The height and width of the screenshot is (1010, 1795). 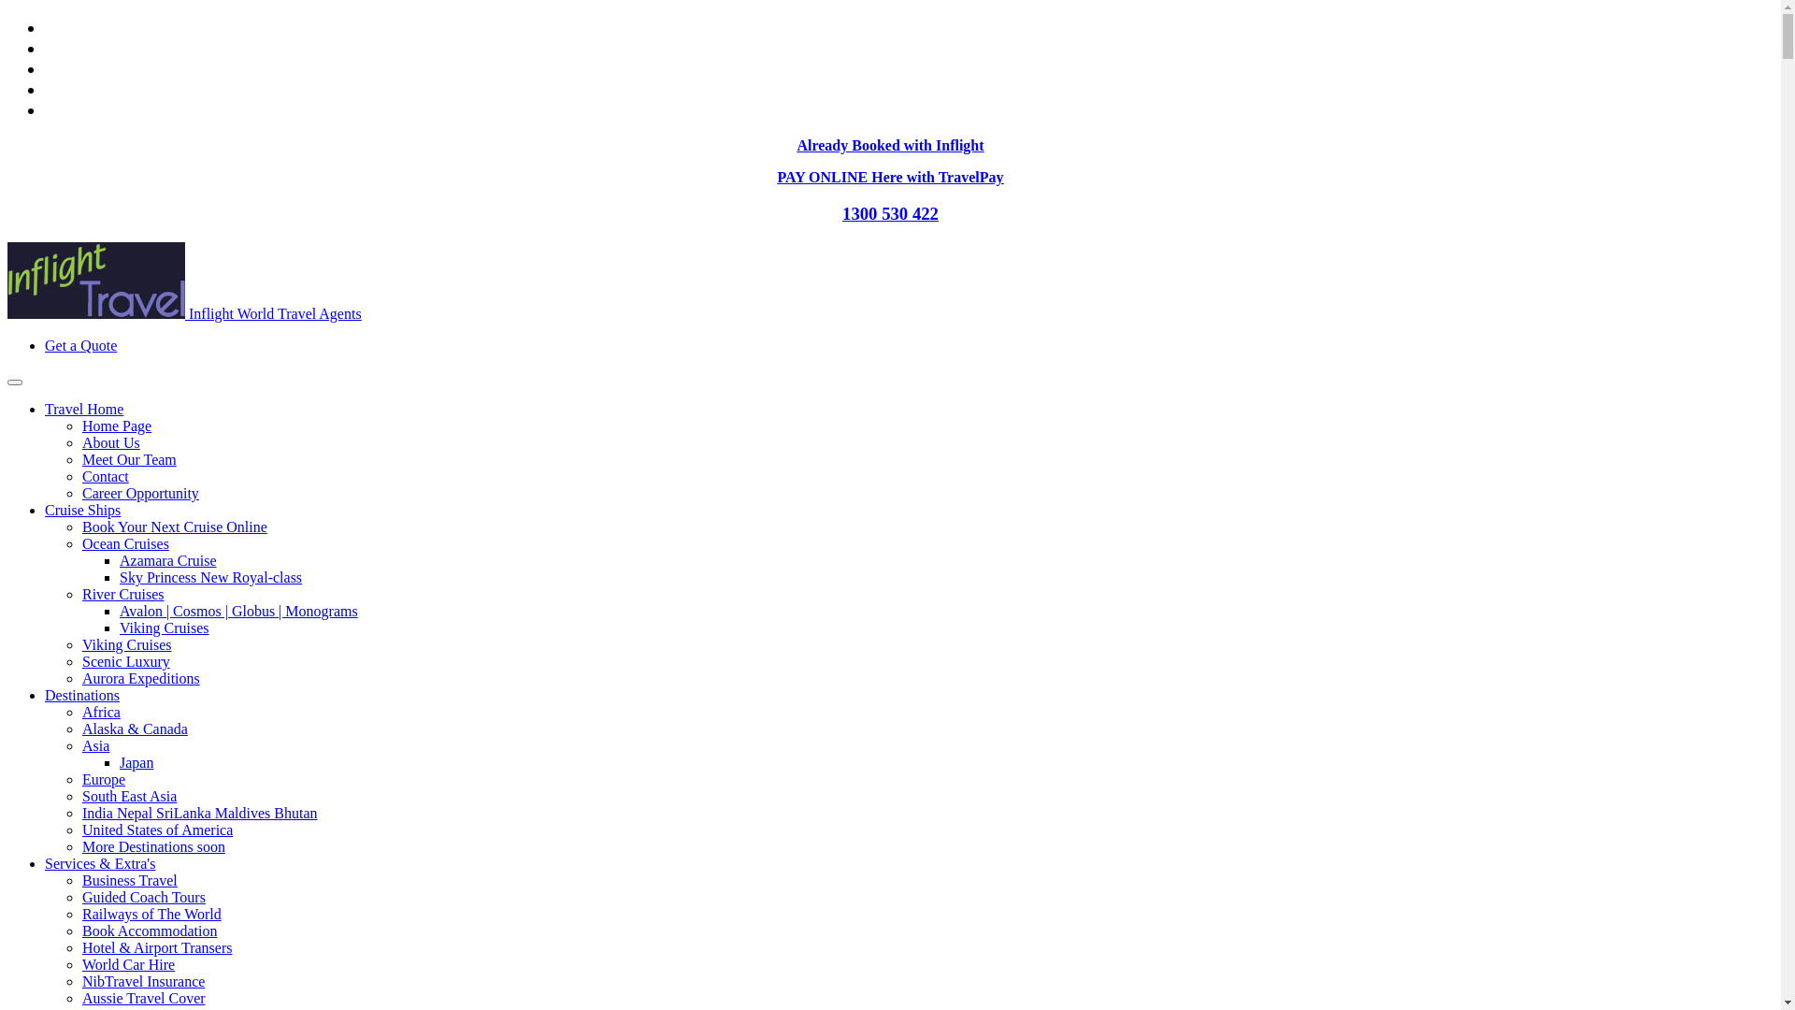 I want to click on 'NibTravel Insurance', so click(x=80, y=980).